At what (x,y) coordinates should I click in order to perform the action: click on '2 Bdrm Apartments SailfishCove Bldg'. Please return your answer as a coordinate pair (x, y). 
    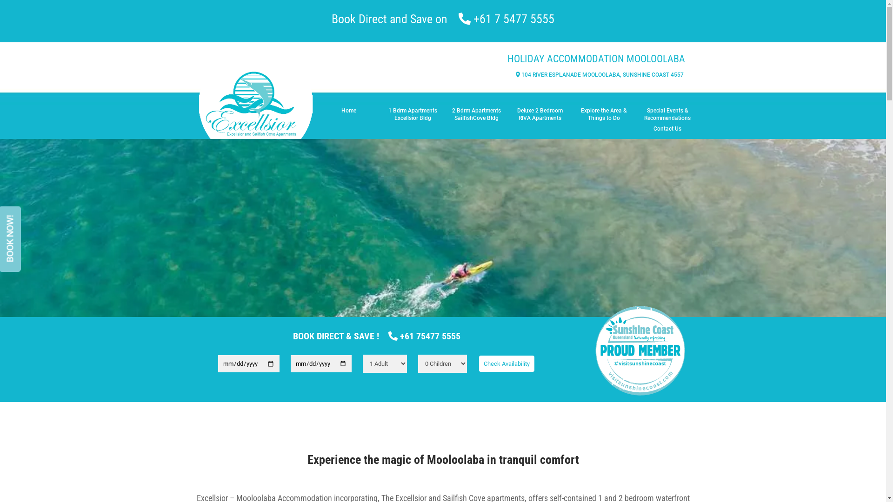
    Looking at the image, I should click on (476, 114).